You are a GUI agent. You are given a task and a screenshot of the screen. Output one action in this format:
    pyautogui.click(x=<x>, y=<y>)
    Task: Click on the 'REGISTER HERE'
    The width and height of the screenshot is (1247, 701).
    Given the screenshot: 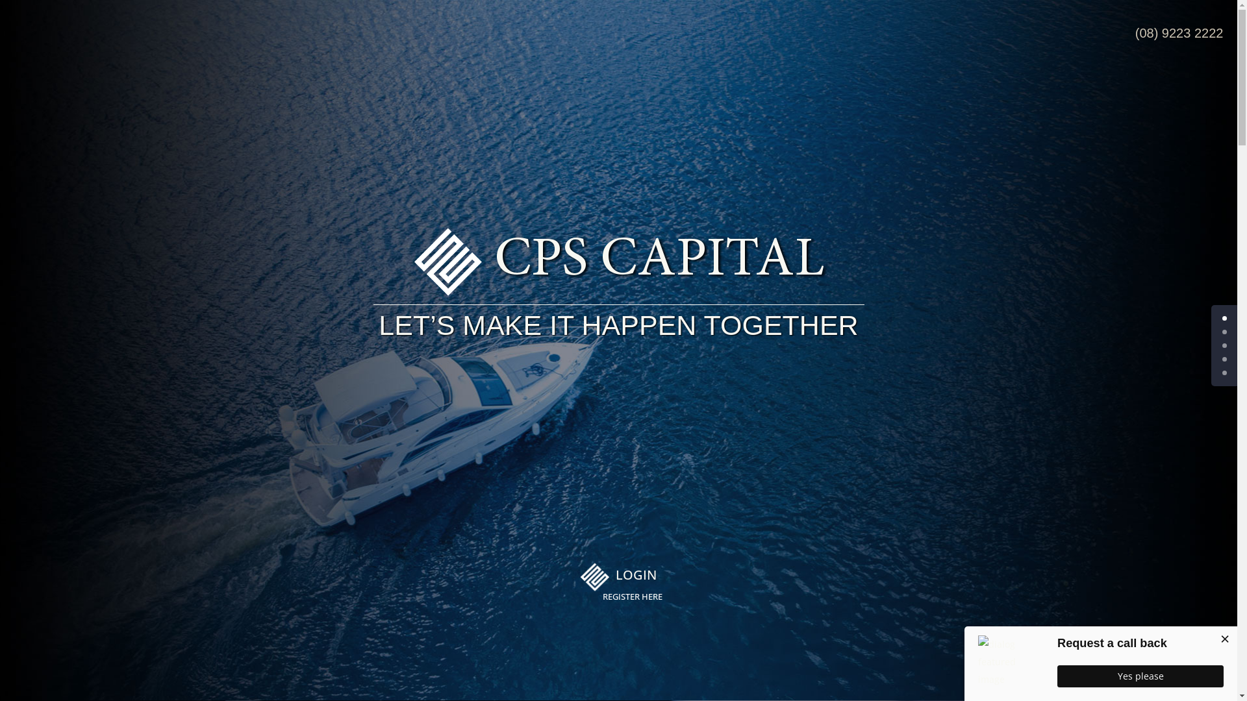 What is the action you would take?
    pyautogui.click(x=601, y=598)
    